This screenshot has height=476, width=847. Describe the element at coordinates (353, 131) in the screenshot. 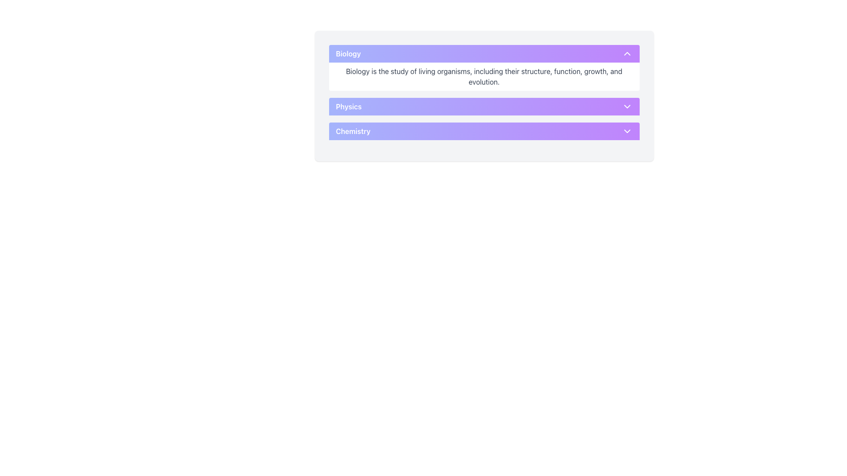

I see `static text serving as the title for the 'Chemistry' section, which is located in the third section of a vertical list of collapsible panels under 'Physics'` at that location.